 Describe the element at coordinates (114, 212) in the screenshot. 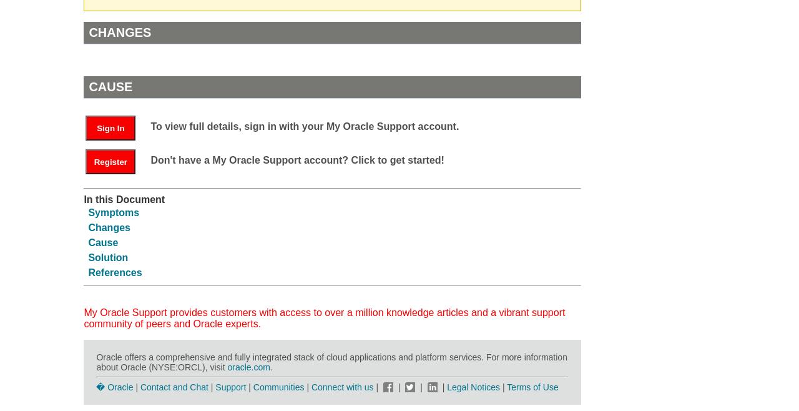

I see `'Symptoms'` at that location.